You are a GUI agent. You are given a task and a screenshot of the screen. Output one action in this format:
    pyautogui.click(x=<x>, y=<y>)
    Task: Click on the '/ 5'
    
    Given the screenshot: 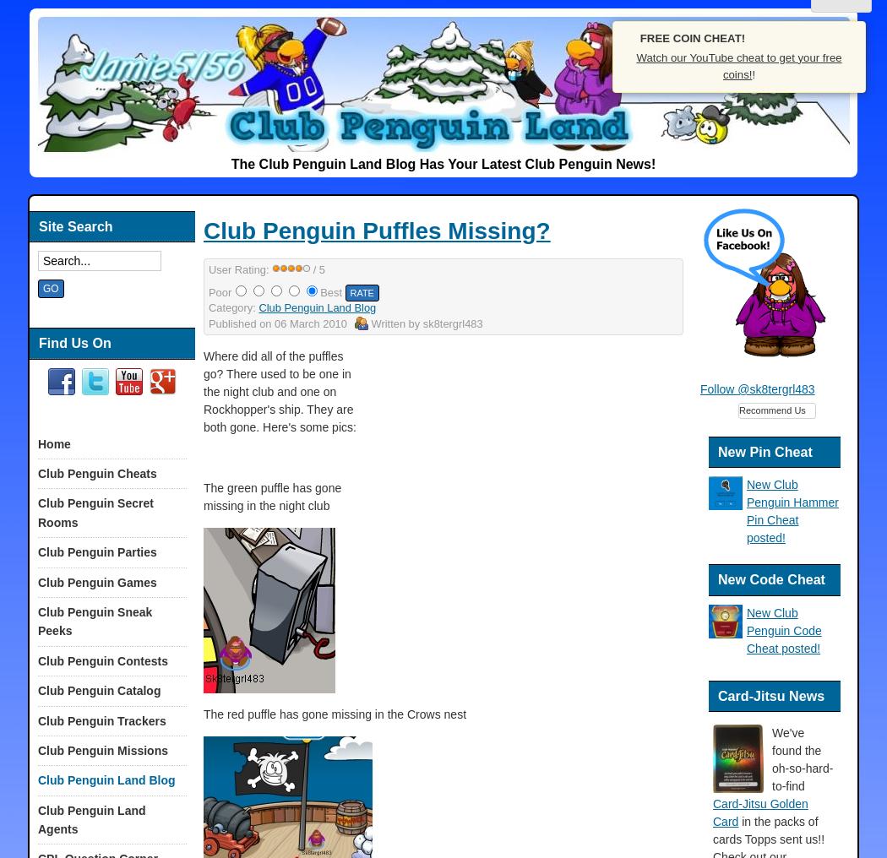 What is the action you would take?
    pyautogui.click(x=308, y=269)
    